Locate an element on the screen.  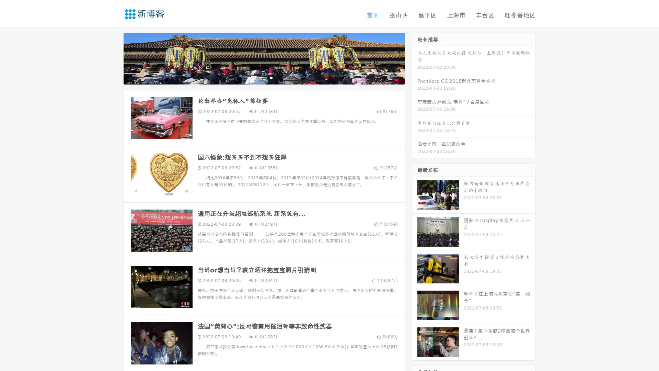
Previous slide is located at coordinates (113, 58).